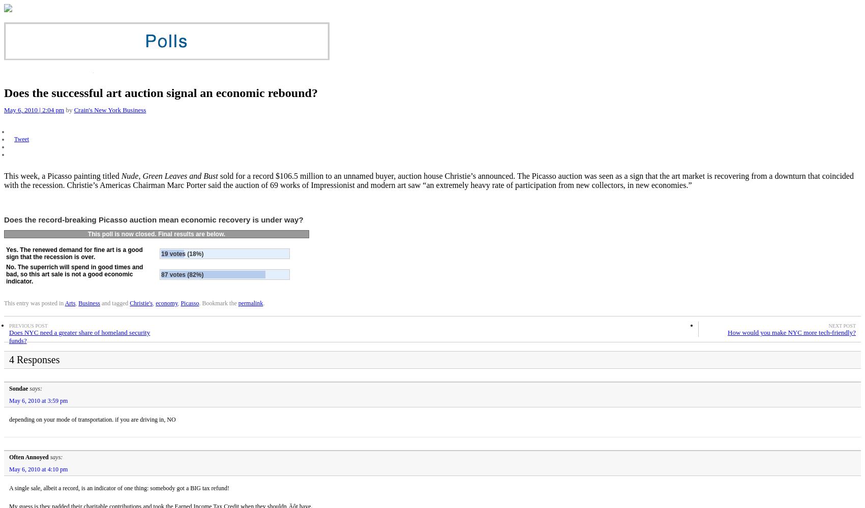 The image size is (865, 508). I want to click on 'and tagged', so click(114, 303).